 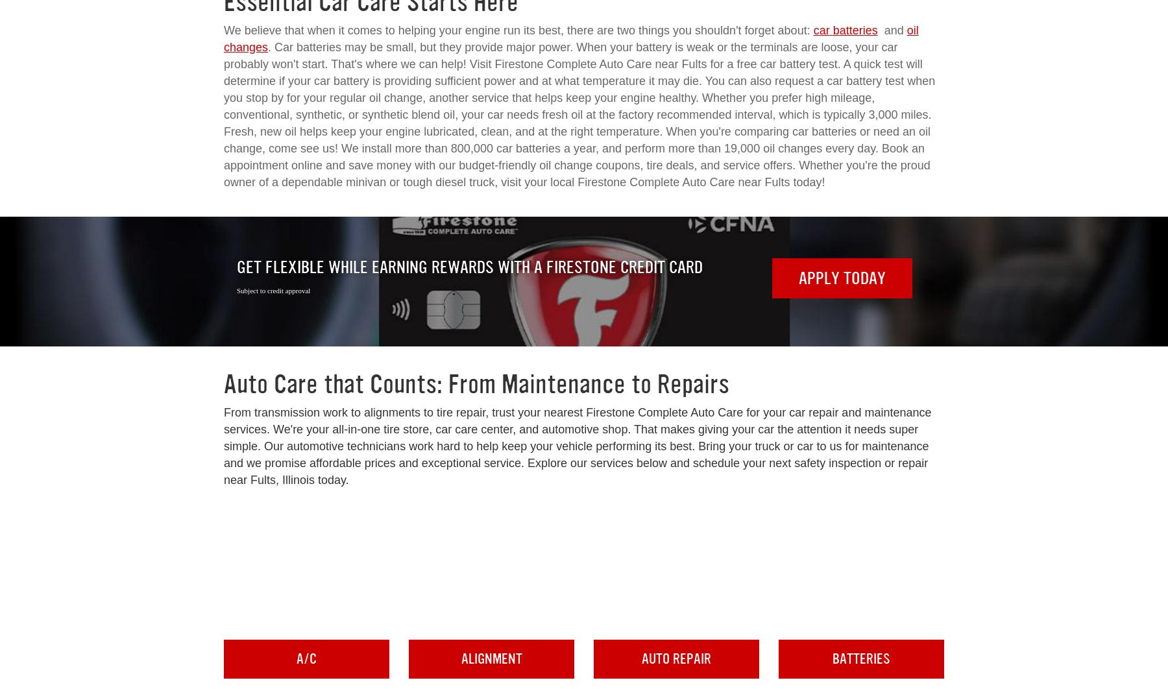 I want to click on 'From transmission work
              to alignments
              to tire repair,
              trust your nearest Firestone Complete Auto Care
              for your car repair and maintenance services.
              We're your all-in-one tire store, car care center, and automotive shop.
              That makes giving your car the attention it needs super simple.
              Our automotive technicians
              work hard to help keep your vehicle performing its best.
              Bring your truck or car to us for maintenance and
              we promise affordable prices and exceptional service.
              Explore our services below and schedule your next safety inspection or repair near Fults, Illinois today.', so click(x=577, y=446).